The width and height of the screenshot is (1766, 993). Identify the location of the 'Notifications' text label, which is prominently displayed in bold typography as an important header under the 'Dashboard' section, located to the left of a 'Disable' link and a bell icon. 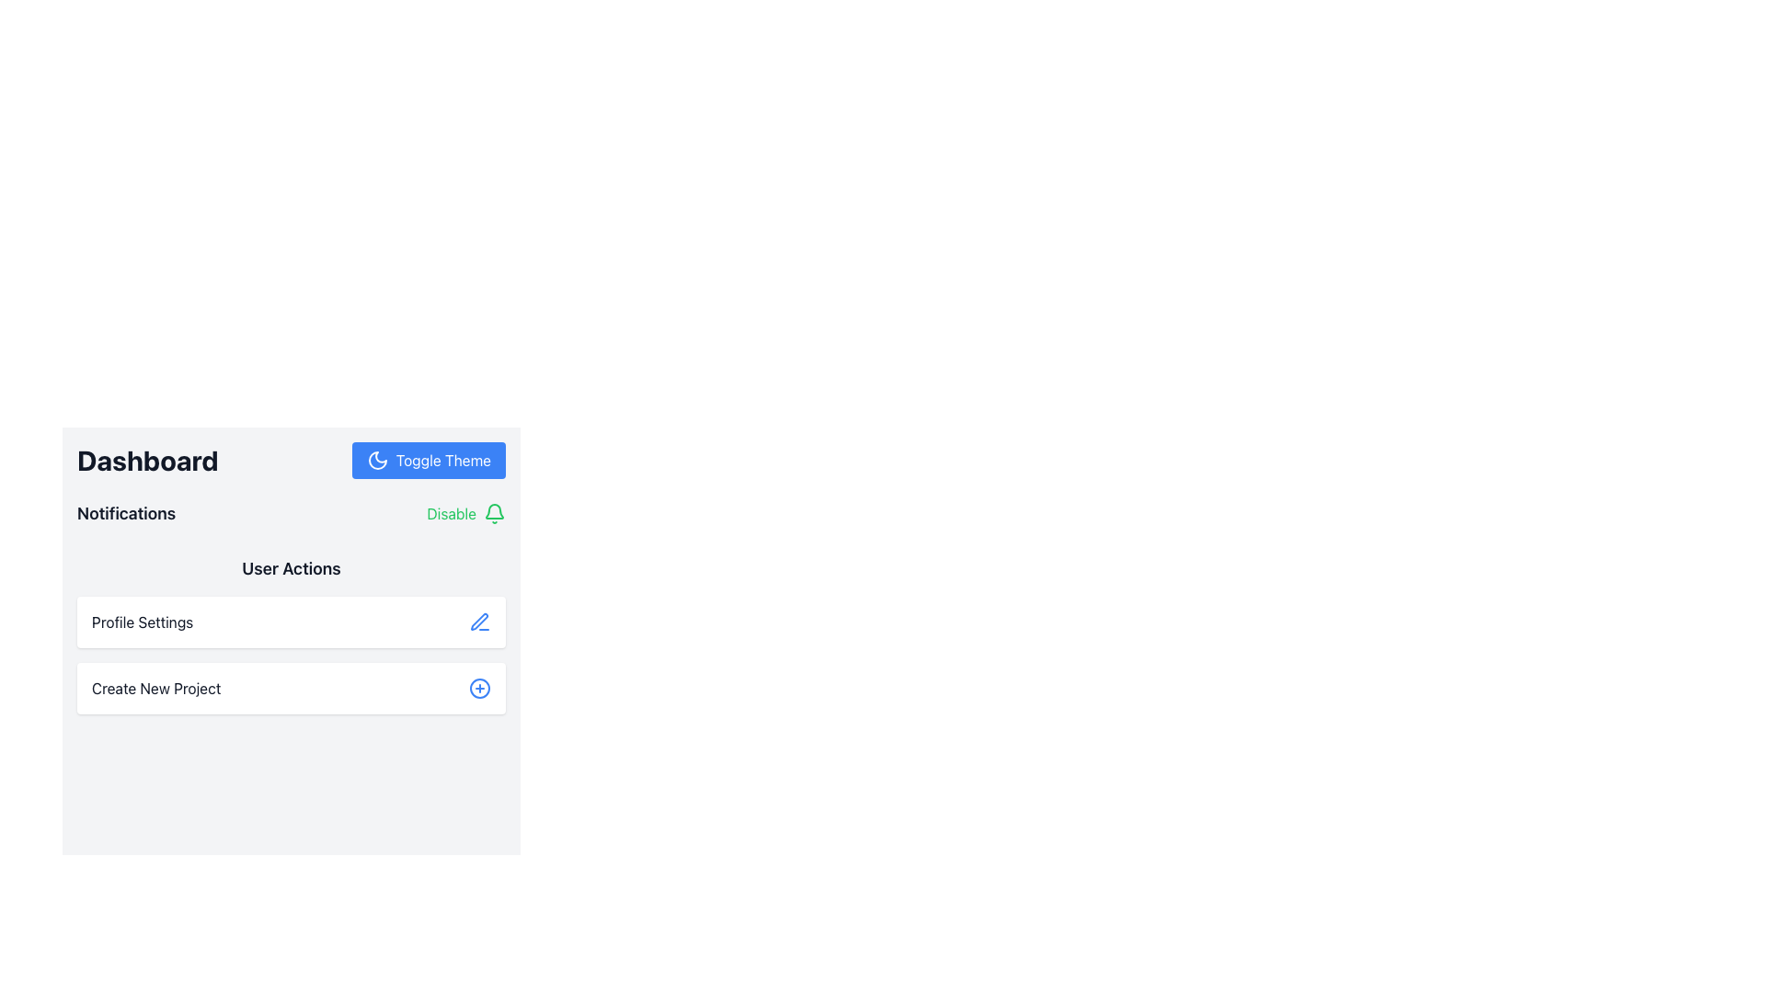
(125, 514).